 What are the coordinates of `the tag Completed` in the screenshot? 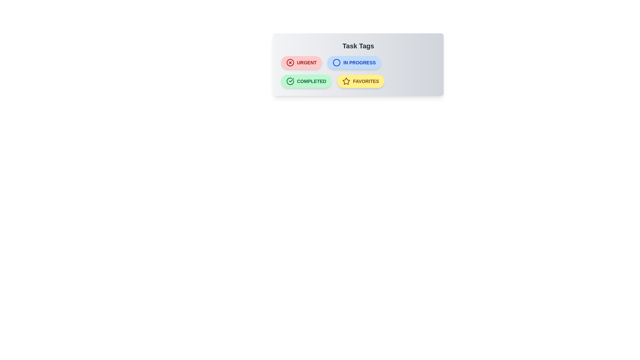 It's located at (305, 81).